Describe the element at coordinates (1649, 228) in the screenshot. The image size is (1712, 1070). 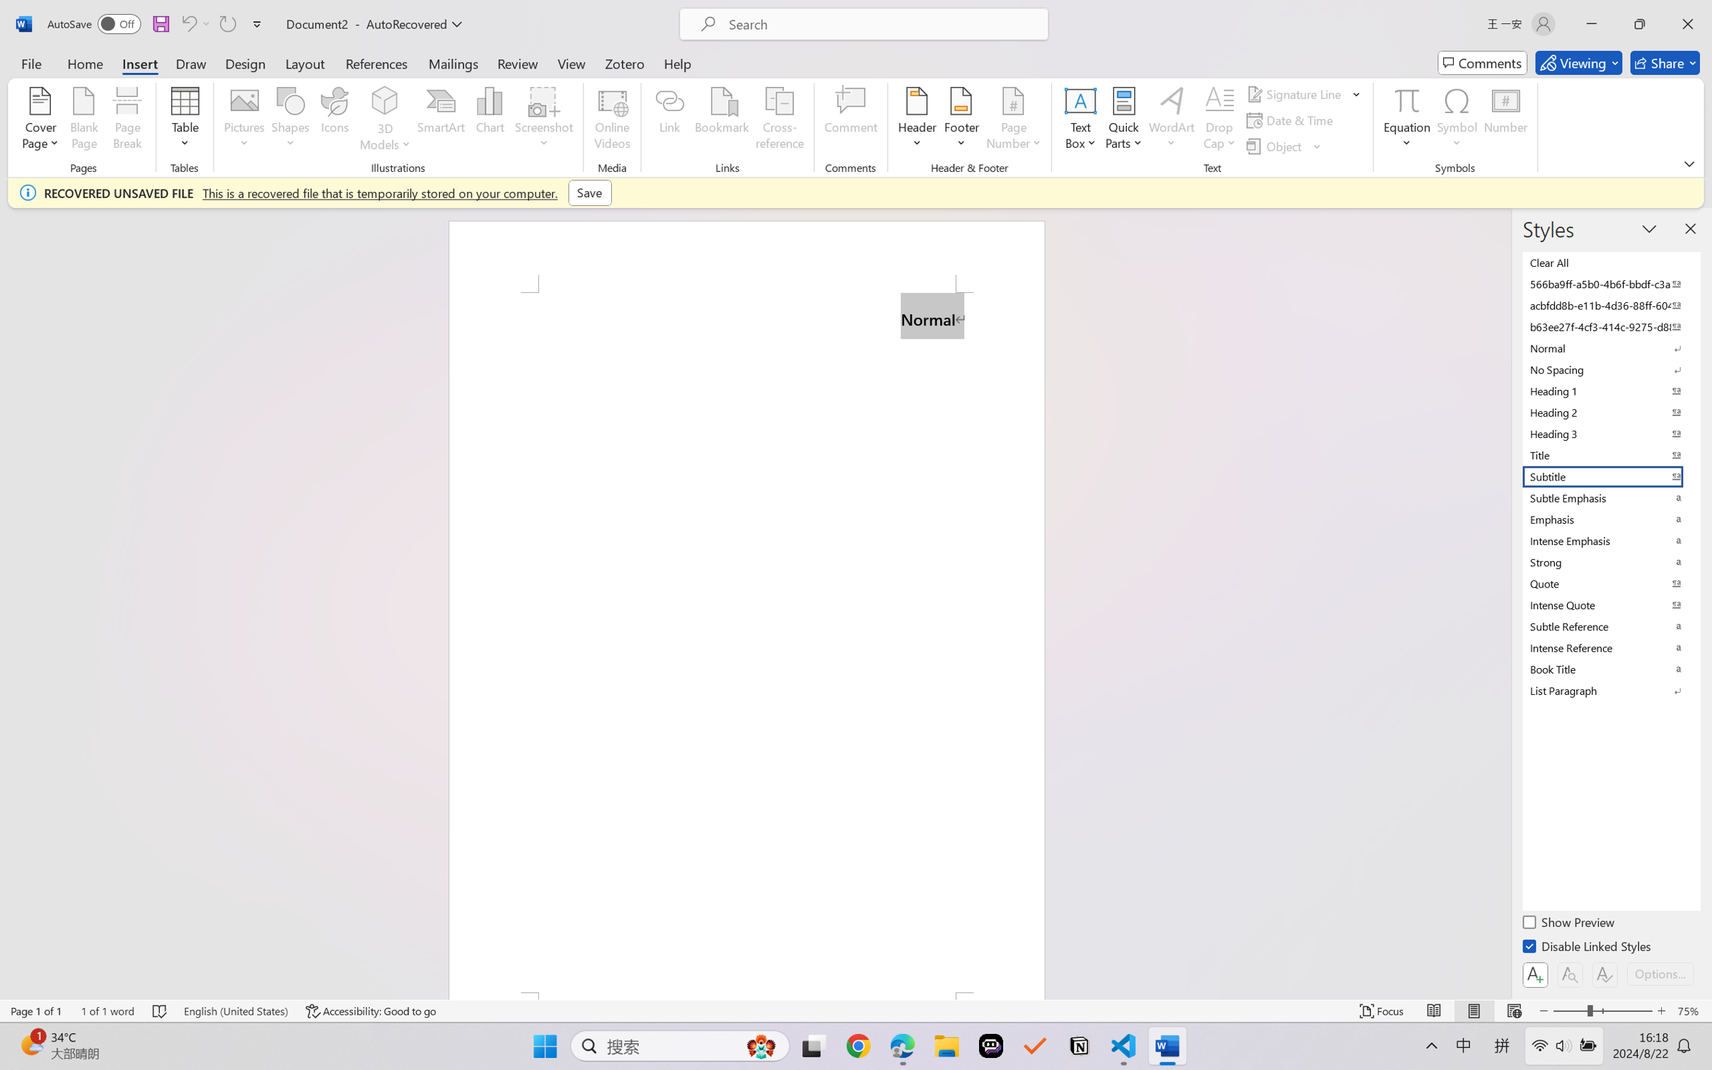
I see `'Task Pane Options'` at that location.